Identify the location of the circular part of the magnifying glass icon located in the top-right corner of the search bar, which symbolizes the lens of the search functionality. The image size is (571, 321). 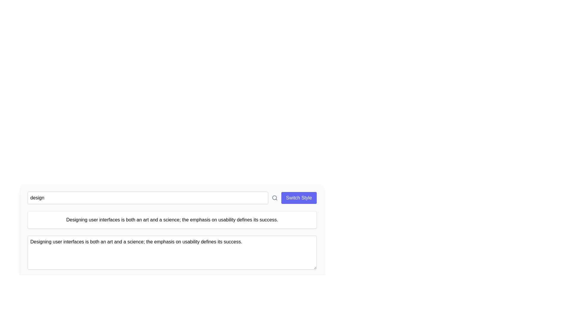
(274, 198).